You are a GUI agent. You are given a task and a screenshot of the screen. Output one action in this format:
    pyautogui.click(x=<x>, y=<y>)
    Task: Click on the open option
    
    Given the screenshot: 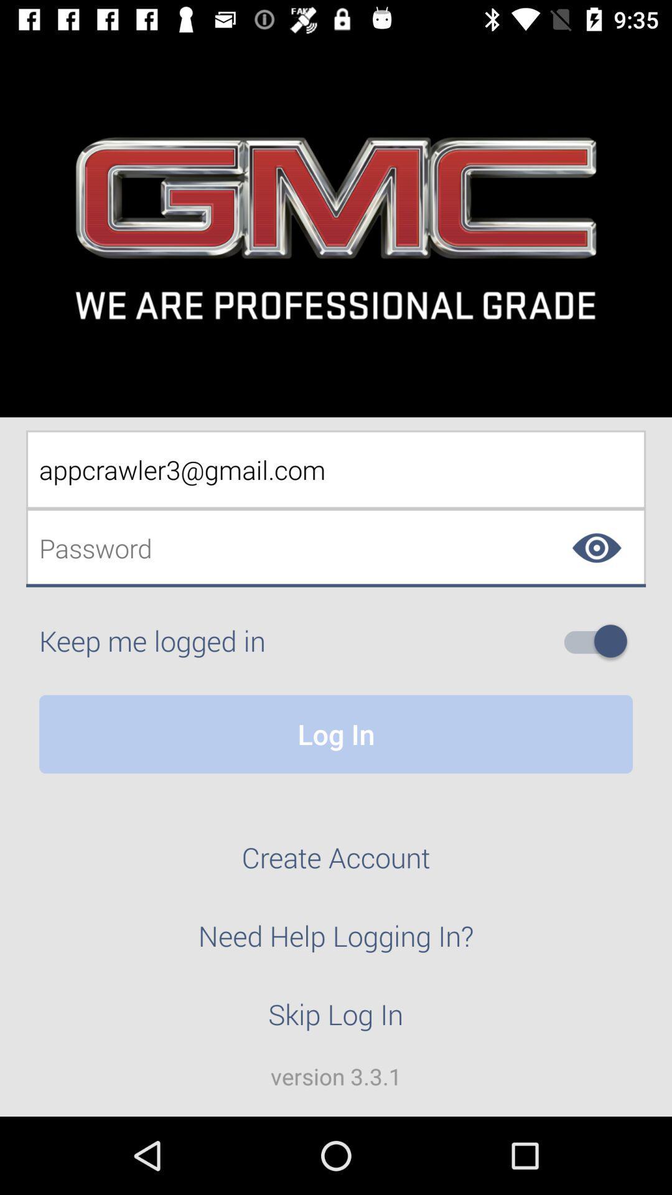 What is the action you would take?
    pyautogui.click(x=600, y=641)
    